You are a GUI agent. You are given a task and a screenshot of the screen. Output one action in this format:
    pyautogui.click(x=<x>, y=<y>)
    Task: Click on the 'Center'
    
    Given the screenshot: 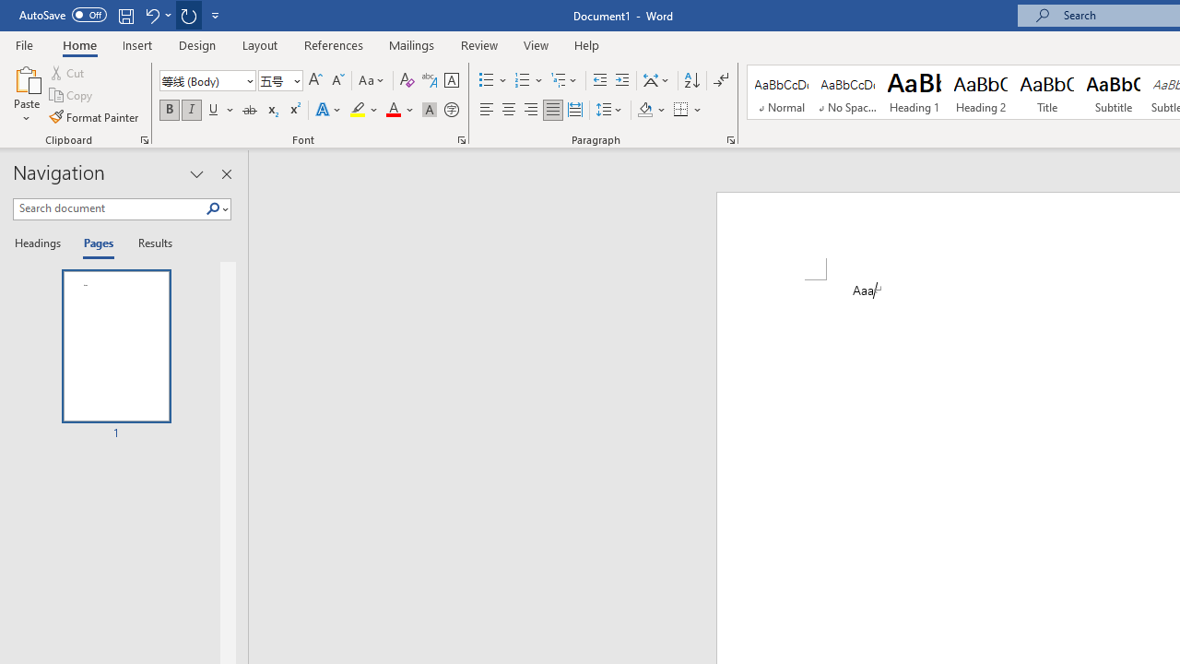 What is the action you would take?
    pyautogui.click(x=509, y=110)
    